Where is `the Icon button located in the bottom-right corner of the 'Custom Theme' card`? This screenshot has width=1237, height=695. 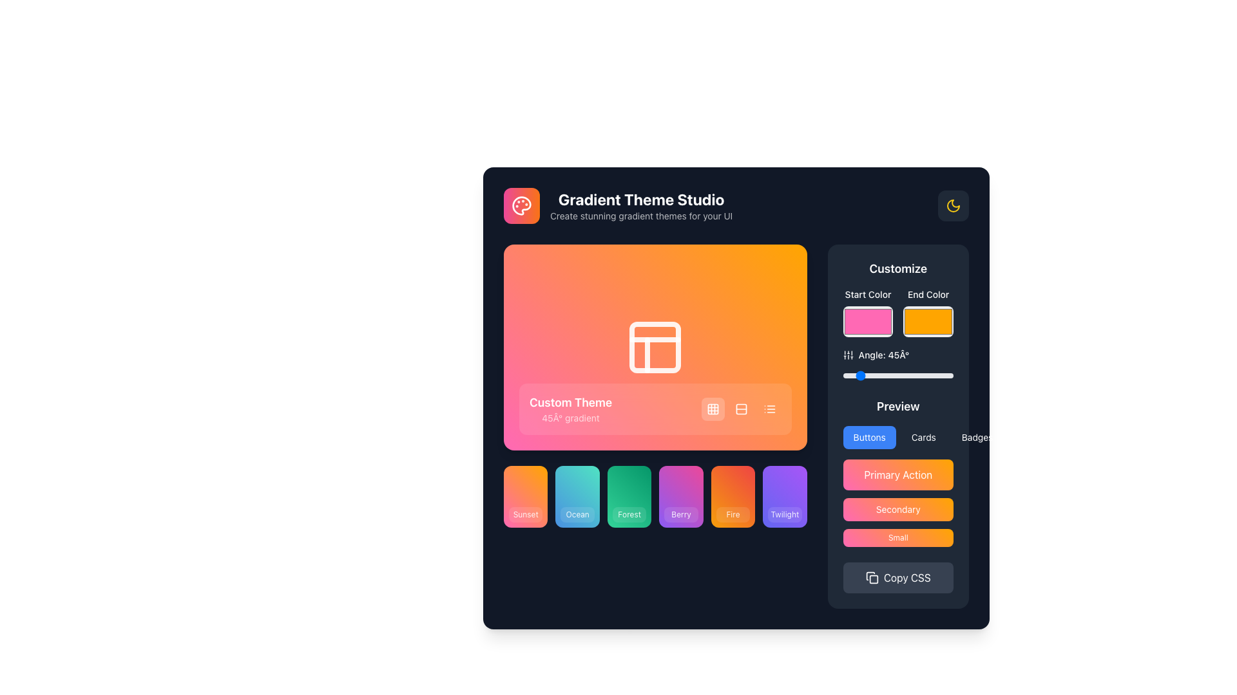
the Icon button located in the bottom-right corner of the 'Custom Theme' card is located at coordinates (769, 409).